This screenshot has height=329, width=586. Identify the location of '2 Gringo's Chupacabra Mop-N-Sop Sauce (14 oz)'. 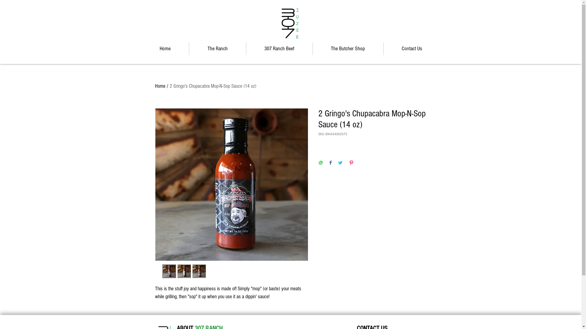
(213, 86).